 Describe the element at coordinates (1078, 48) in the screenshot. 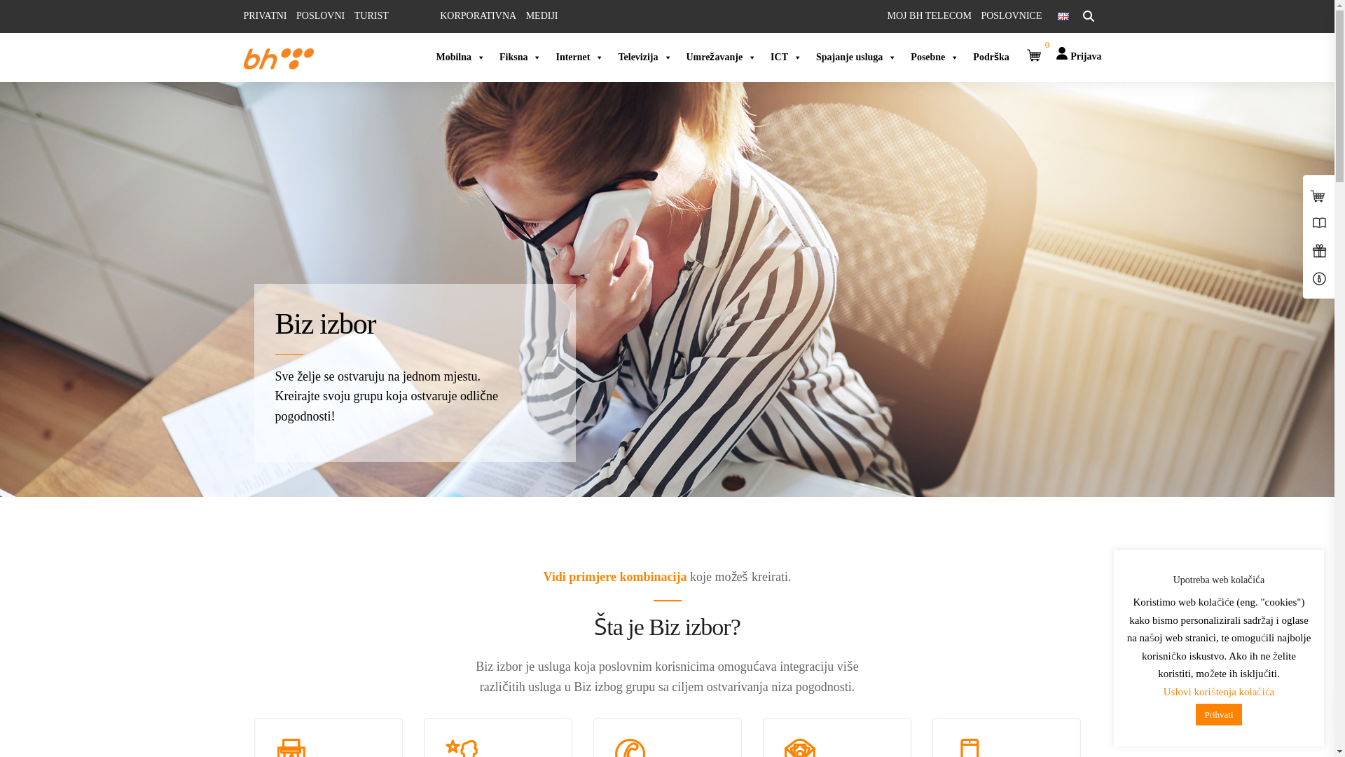

I see `'Prijava'` at that location.